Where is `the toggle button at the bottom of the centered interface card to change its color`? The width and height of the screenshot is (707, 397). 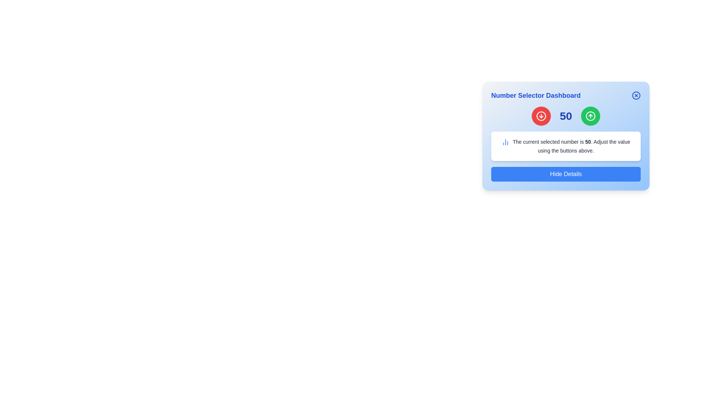 the toggle button at the bottom of the centered interface card to change its color is located at coordinates (565, 174).